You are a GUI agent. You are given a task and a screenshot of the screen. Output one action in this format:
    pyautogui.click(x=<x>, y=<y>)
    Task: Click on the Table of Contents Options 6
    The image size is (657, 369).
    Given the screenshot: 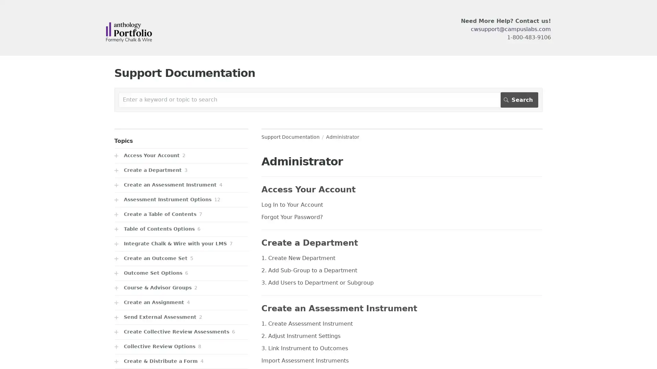 What is the action you would take?
    pyautogui.click(x=181, y=229)
    